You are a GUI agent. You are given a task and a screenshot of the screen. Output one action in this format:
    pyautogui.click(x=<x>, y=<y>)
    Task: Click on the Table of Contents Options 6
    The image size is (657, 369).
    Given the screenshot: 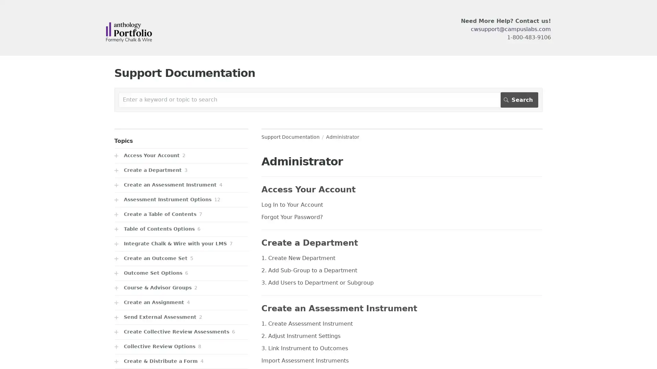 What is the action you would take?
    pyautogui.click(x=181, y=229)
    